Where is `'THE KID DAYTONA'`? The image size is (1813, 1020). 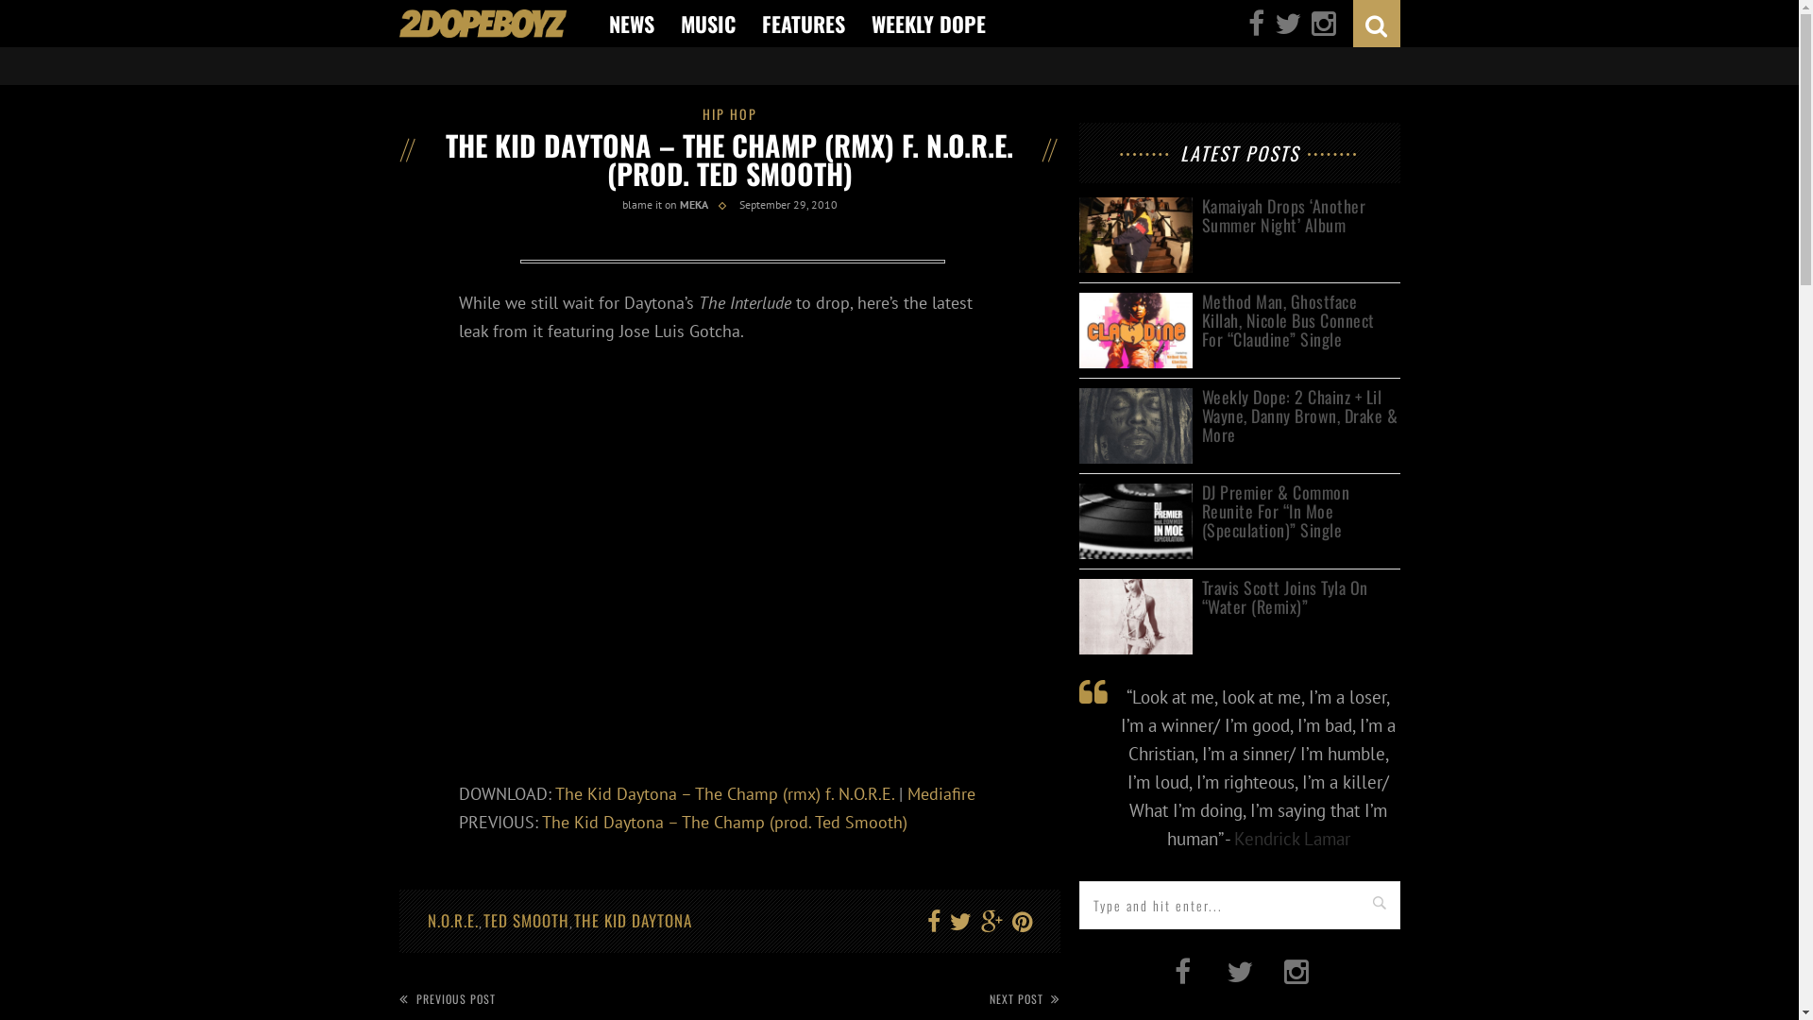
'THE KID DAYTONA' is located at coordinates (633, 919).